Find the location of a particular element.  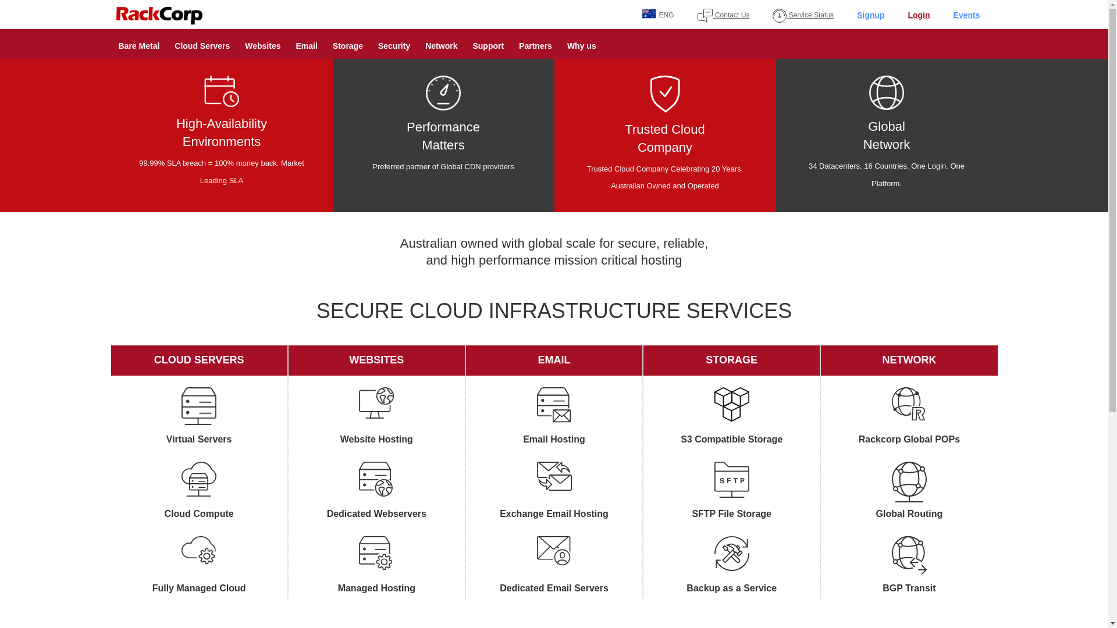

'Managed Hosting' is located at coordinates (376, 564).